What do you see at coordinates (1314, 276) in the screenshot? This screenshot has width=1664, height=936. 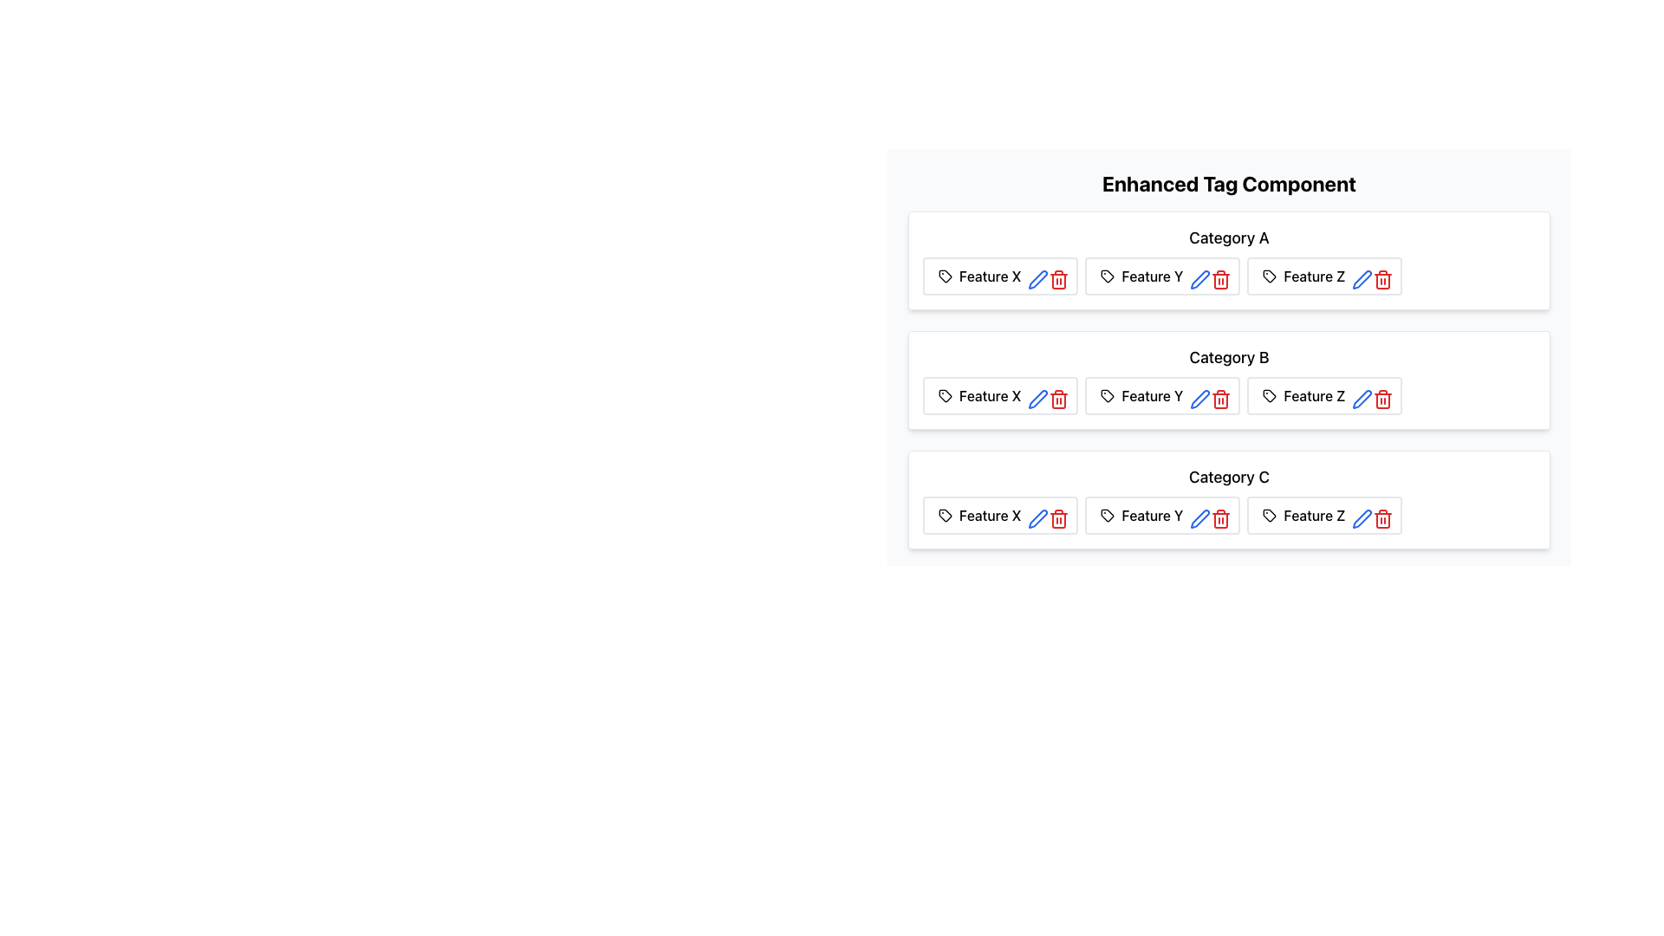 I see `the text label 'Feature Z' which identifies a specific feature within 'Category A'` at bounding box center [1314, 276].